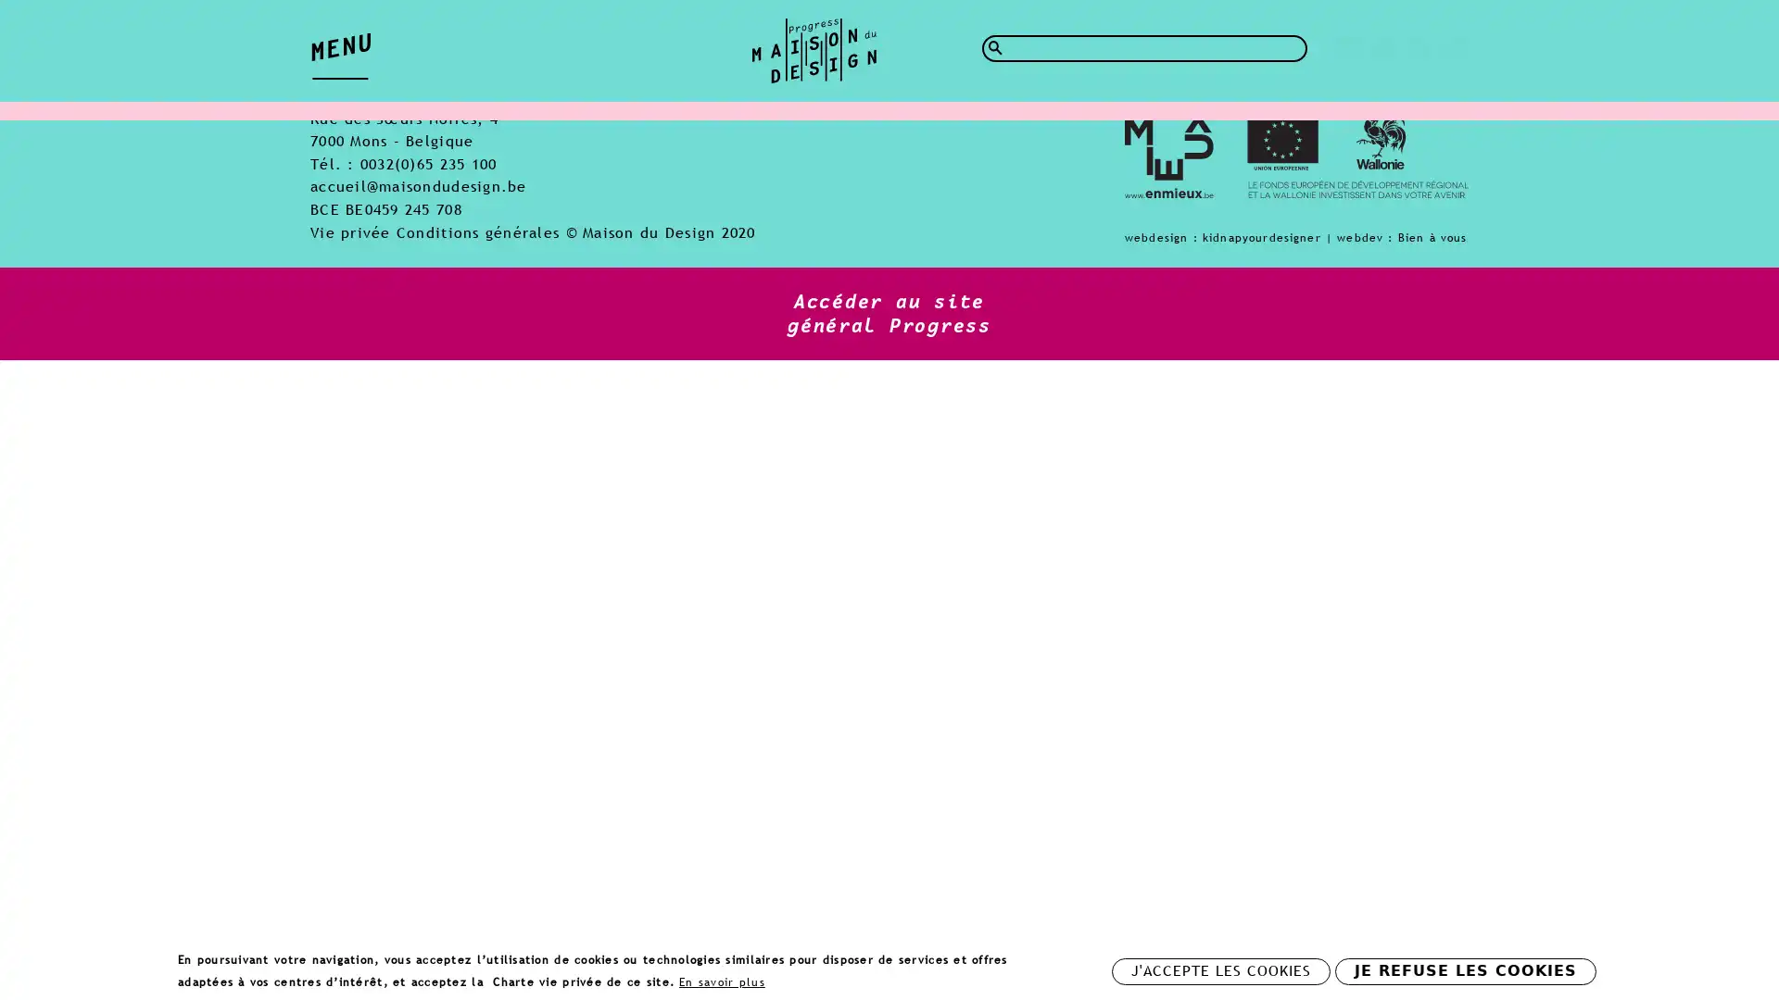  What do you see at coordinates (1465, 970) in the screenshot?
I see `JE REFUSE LES COOKIES` at bounding box center [1465, 970].